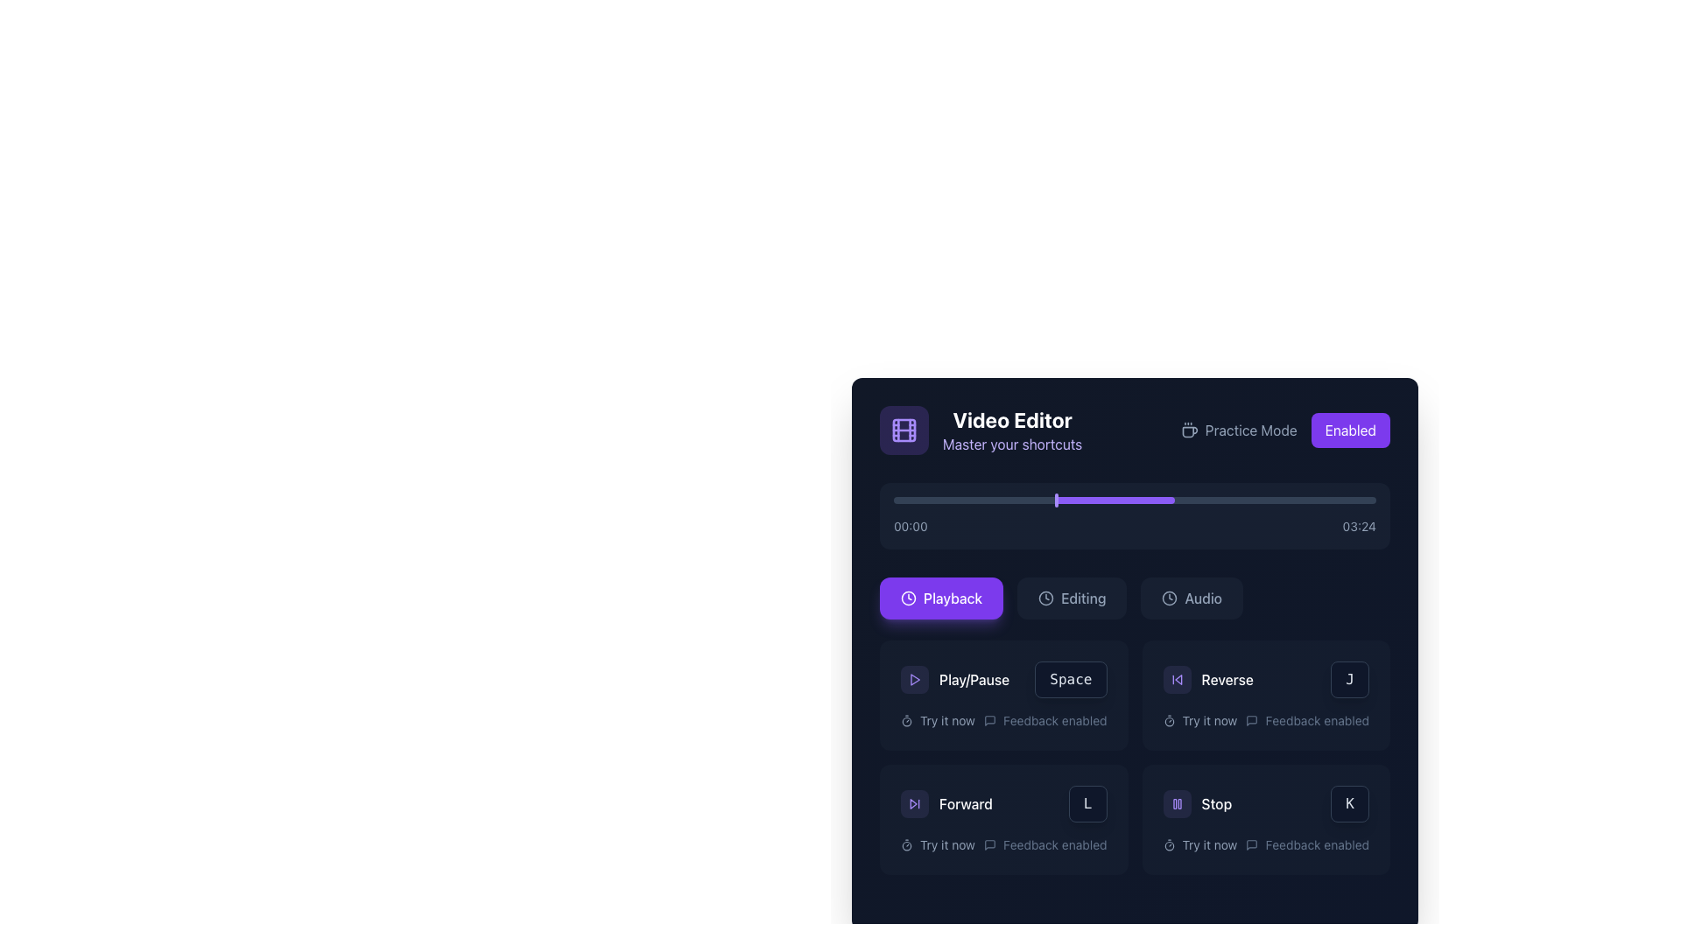 The height and width of the screenshot is (945, 1681). I want to click on the small timer icon with a circular frame, located to the left of the 'Try it now' text and associated with the 'Forward' control, so click(907, 843).